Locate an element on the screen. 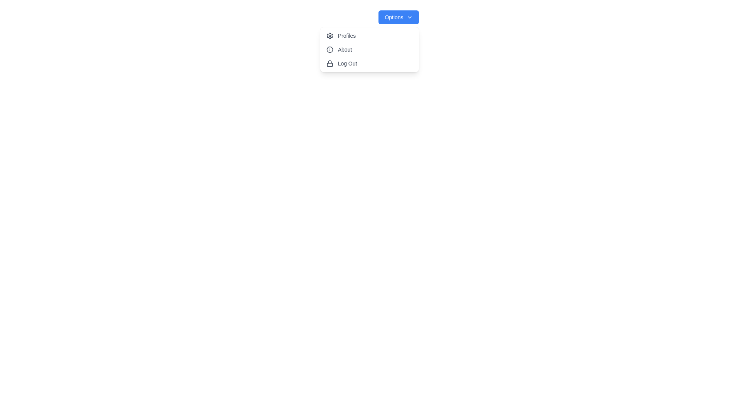 This screenshot has height=416, width=740. the log-out button located in the vertical dropdown menu, which is the third option below 'Profiles' and 'About', to activate the hover effect is located at coordinates (369, 63).